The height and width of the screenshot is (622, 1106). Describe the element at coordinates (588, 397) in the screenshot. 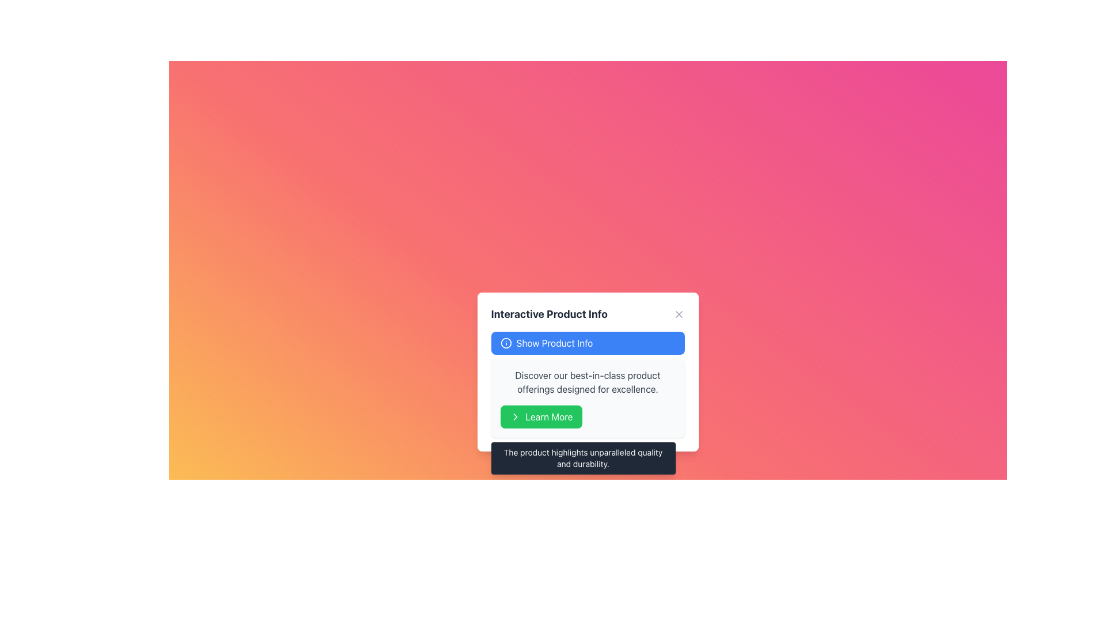

I see `product information from the promotional section located within the modal, which includes a text block and a 'Learn More' button situated below the 'Show Product Info' button` at that location.